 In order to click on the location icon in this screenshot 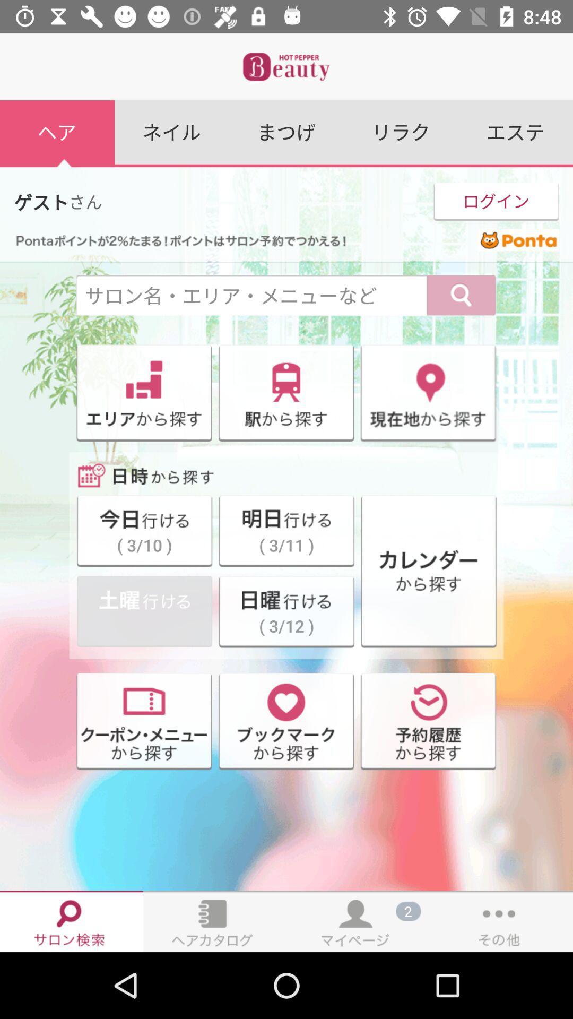, I will do `click(428, 393)`.